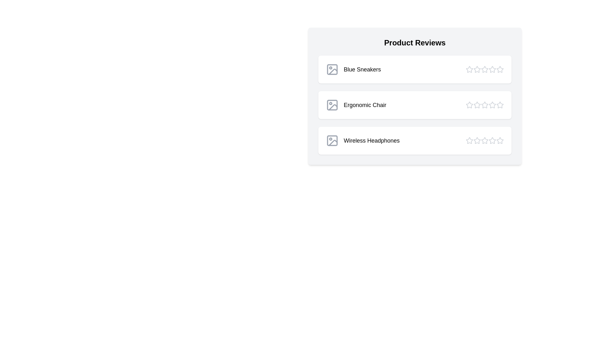 The image size is (610, 343). What do you see at coordinates (485, 70) in the screenshot?
I see `the star corresponding to 3 stars for the product Blue Sneakers` at bounding box center [485, 70].